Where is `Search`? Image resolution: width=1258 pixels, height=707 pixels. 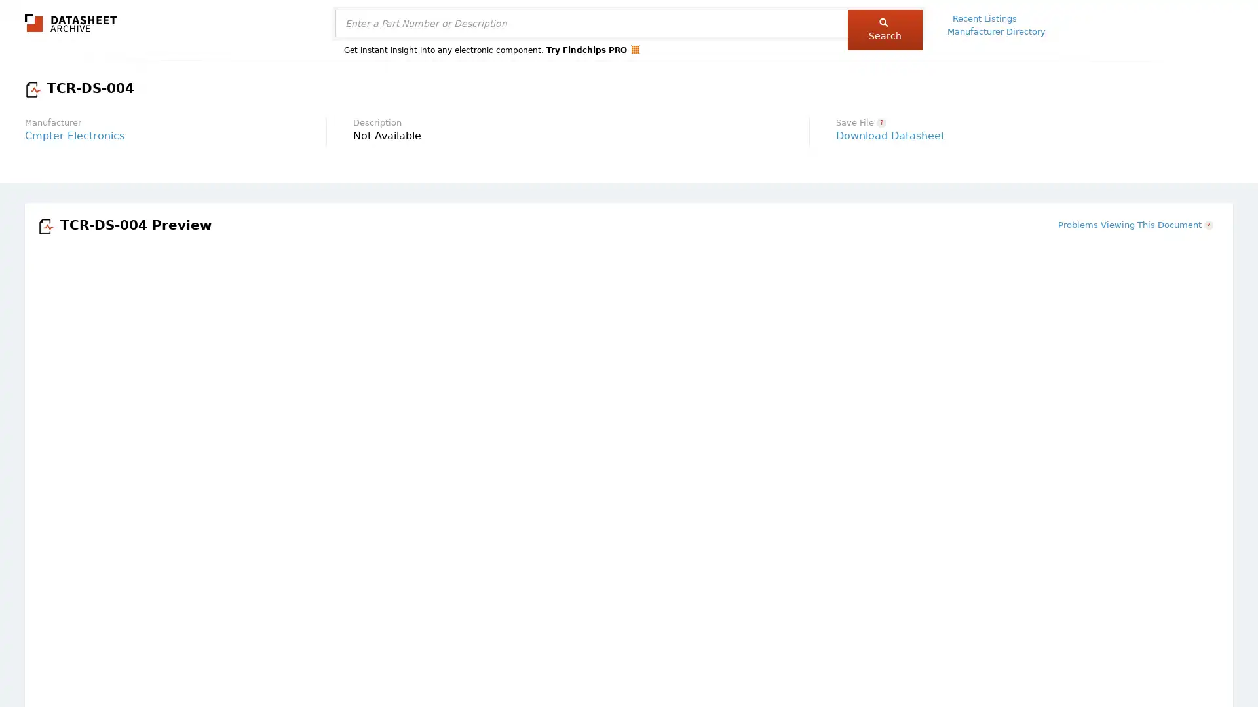 Search is located at coordinates (884, 29).